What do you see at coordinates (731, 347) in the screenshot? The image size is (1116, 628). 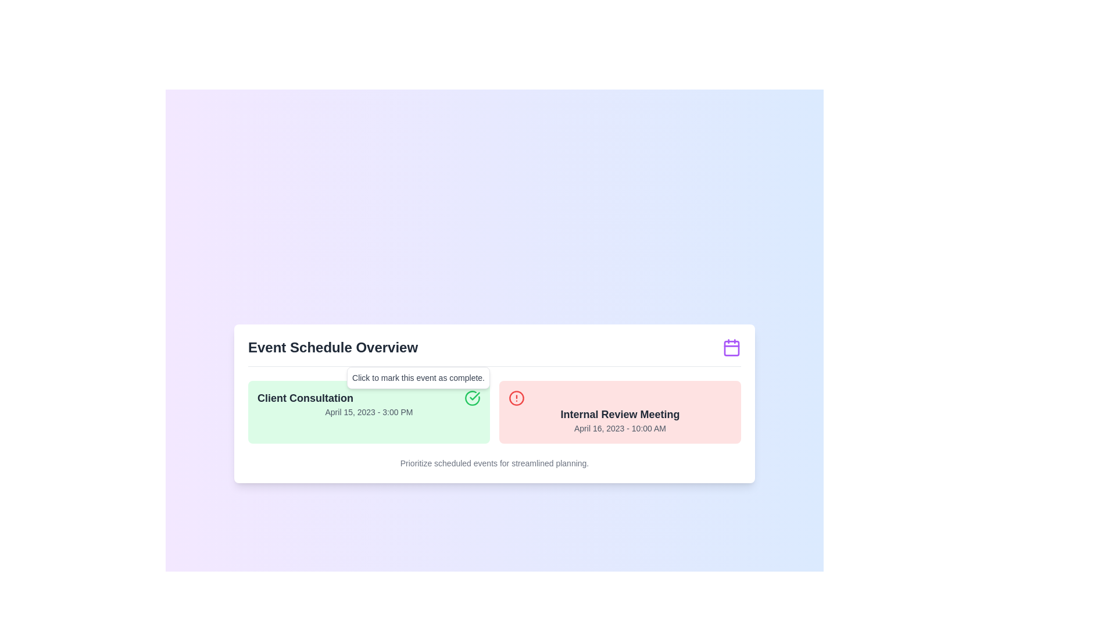 I see `the purple calendar icon located in the top-right corner of the 'Event Schedule Overview' section` at bounding box center [731, 347].